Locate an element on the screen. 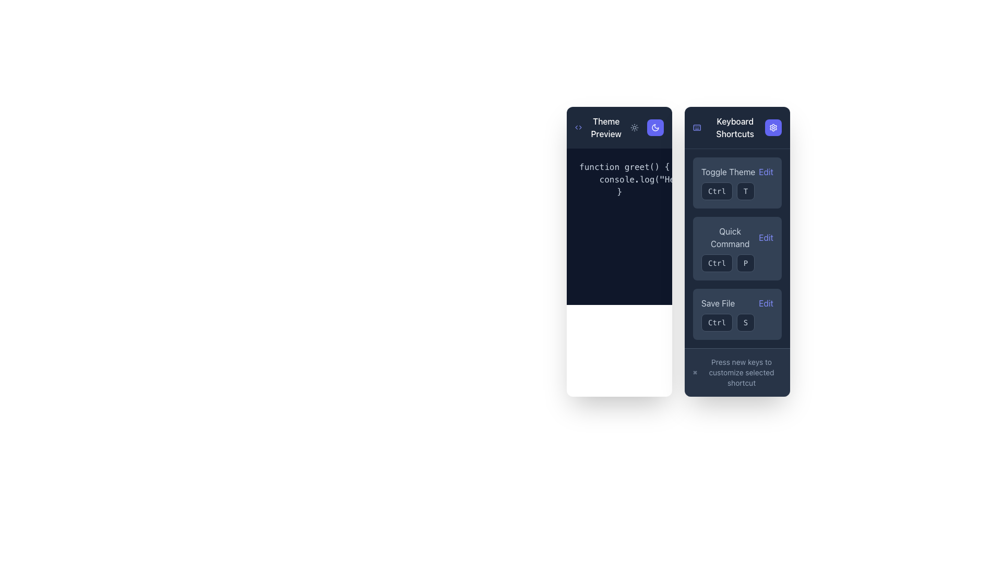 Image resolution: width=1002 pixels, height=563 pixels. code block or code editor display located near the top-center of the left column, which is part of the 'Theme Preview' area for debugging purposes is located at coordinates (619, 179).